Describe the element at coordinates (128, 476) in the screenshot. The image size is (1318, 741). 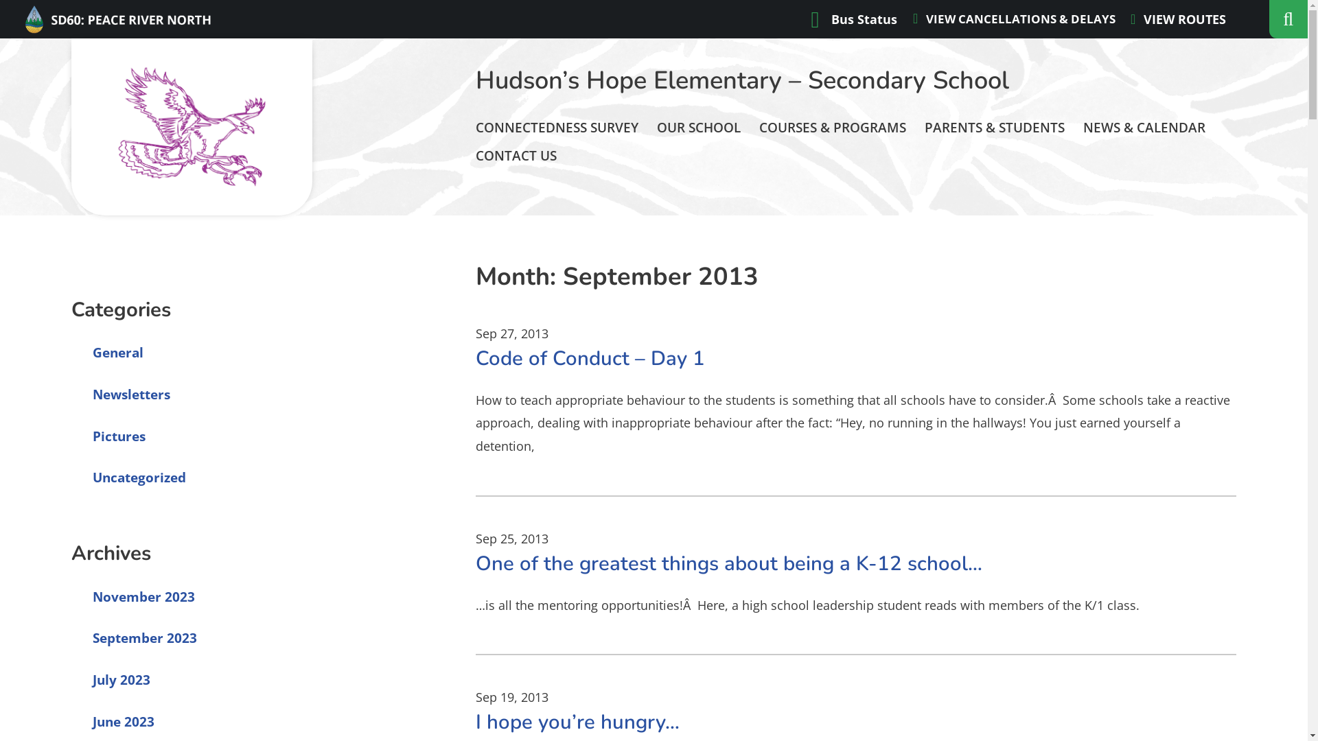
I see `'Uncategorized'` at that location.